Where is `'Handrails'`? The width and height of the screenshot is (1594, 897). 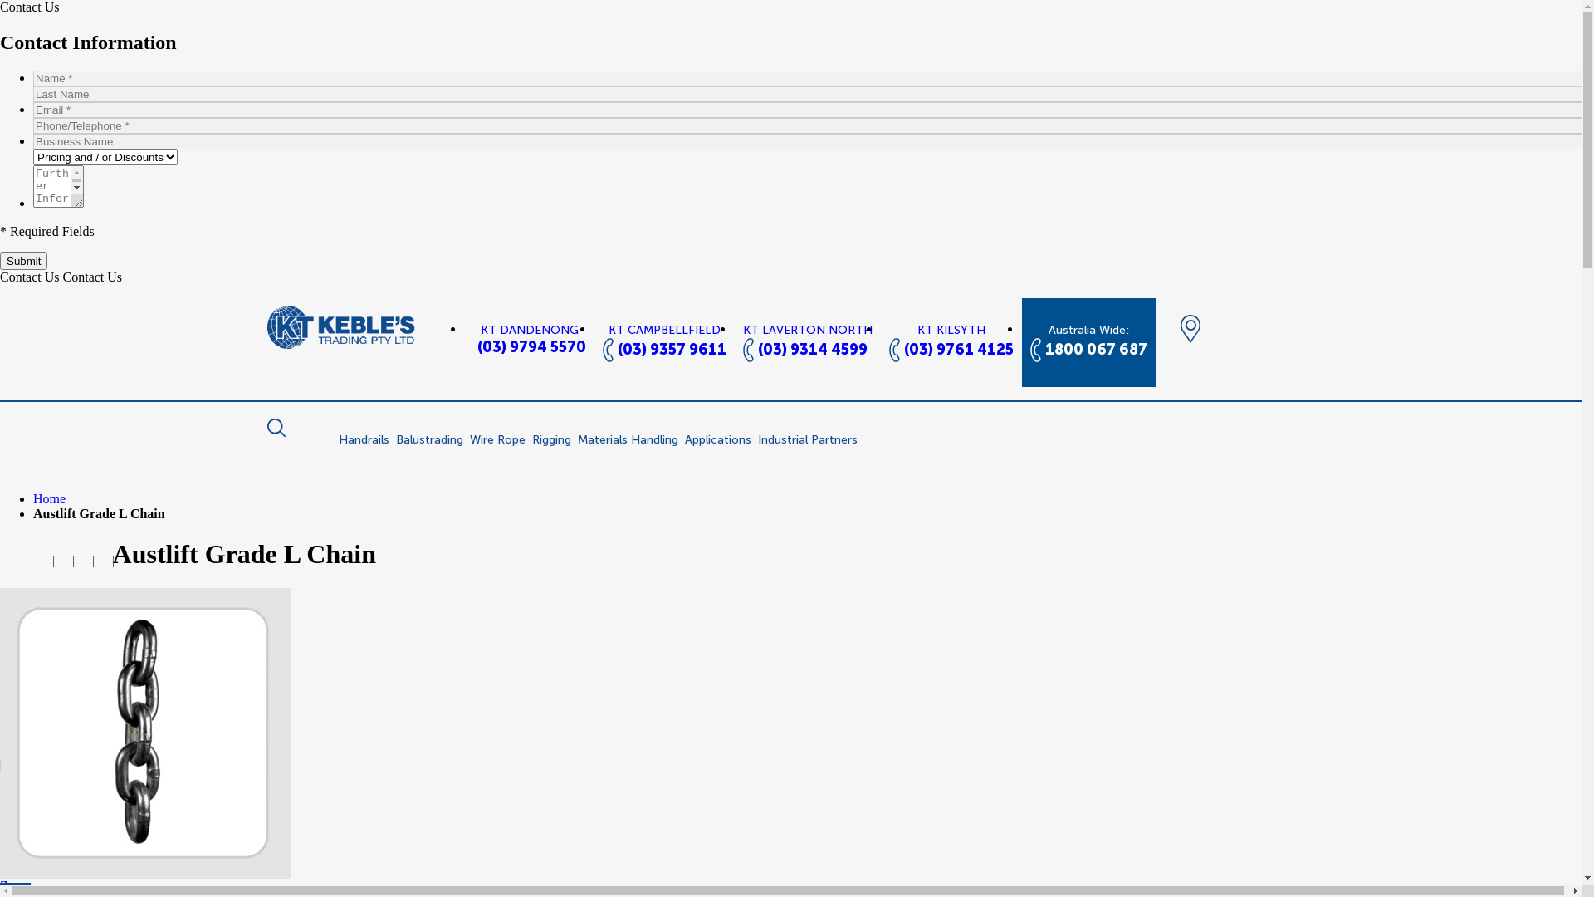
'Handrails' is located at coordinates (363, 439).